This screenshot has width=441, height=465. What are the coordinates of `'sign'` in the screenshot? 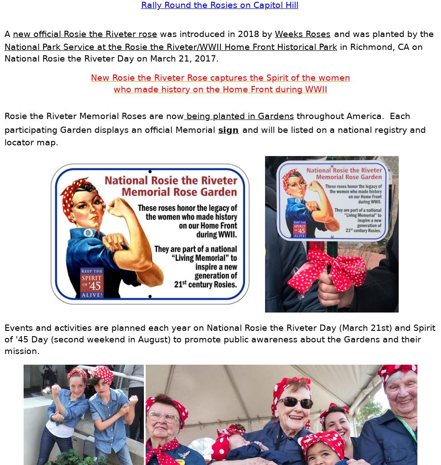 It's located at (218, 129).